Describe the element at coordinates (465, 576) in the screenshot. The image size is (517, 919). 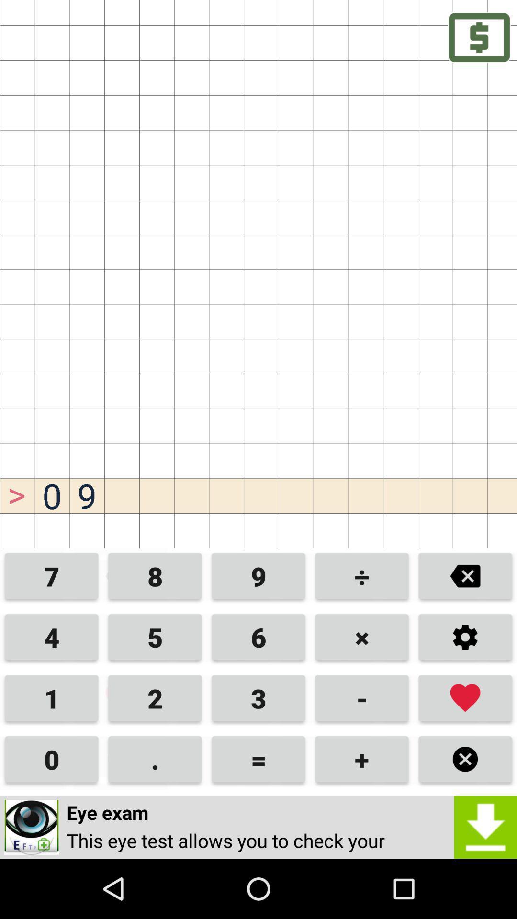
I see `erase button` at that location.